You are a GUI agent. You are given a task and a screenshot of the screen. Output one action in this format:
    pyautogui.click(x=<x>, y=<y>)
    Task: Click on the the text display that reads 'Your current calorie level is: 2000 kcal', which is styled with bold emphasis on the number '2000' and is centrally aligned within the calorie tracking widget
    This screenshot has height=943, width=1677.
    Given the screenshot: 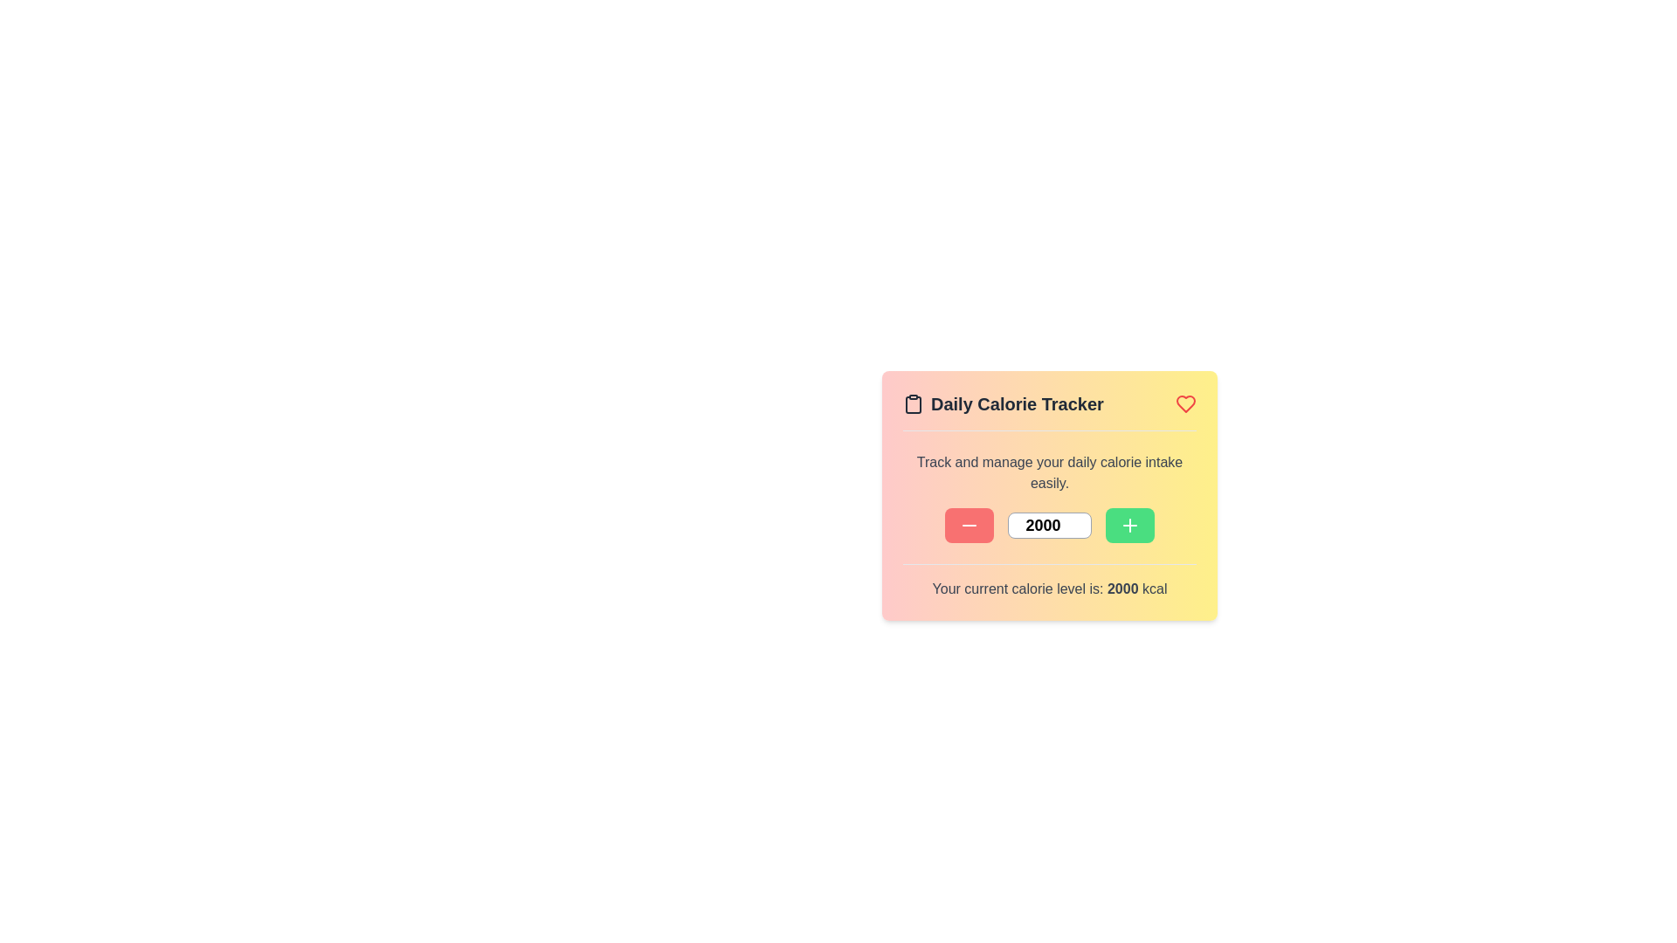 What is the action you would take?
    pyautogui.click(x=1048, y=582)
    